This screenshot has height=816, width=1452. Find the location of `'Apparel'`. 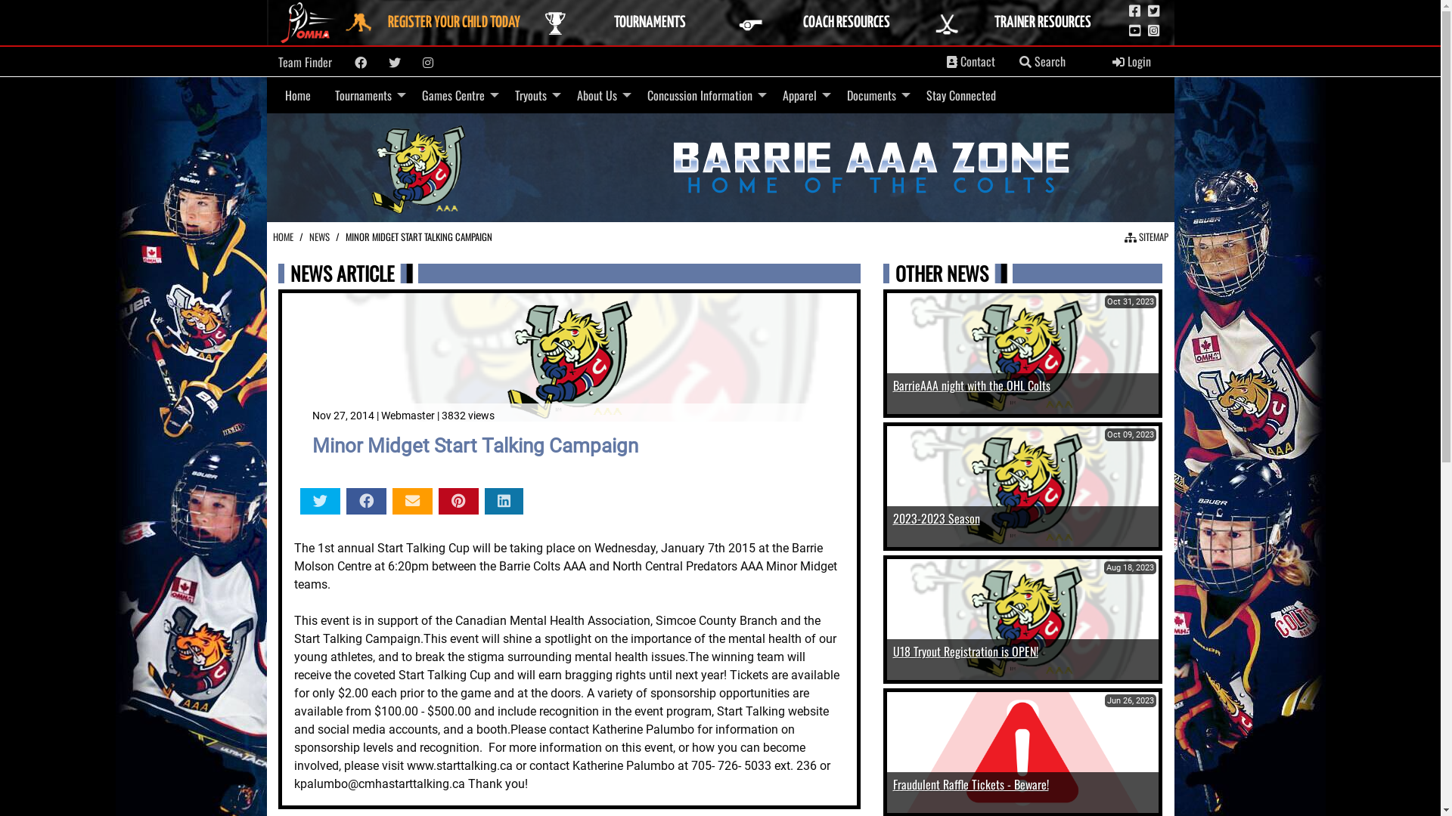

'Apparel' is located at coordinates (801, 95).